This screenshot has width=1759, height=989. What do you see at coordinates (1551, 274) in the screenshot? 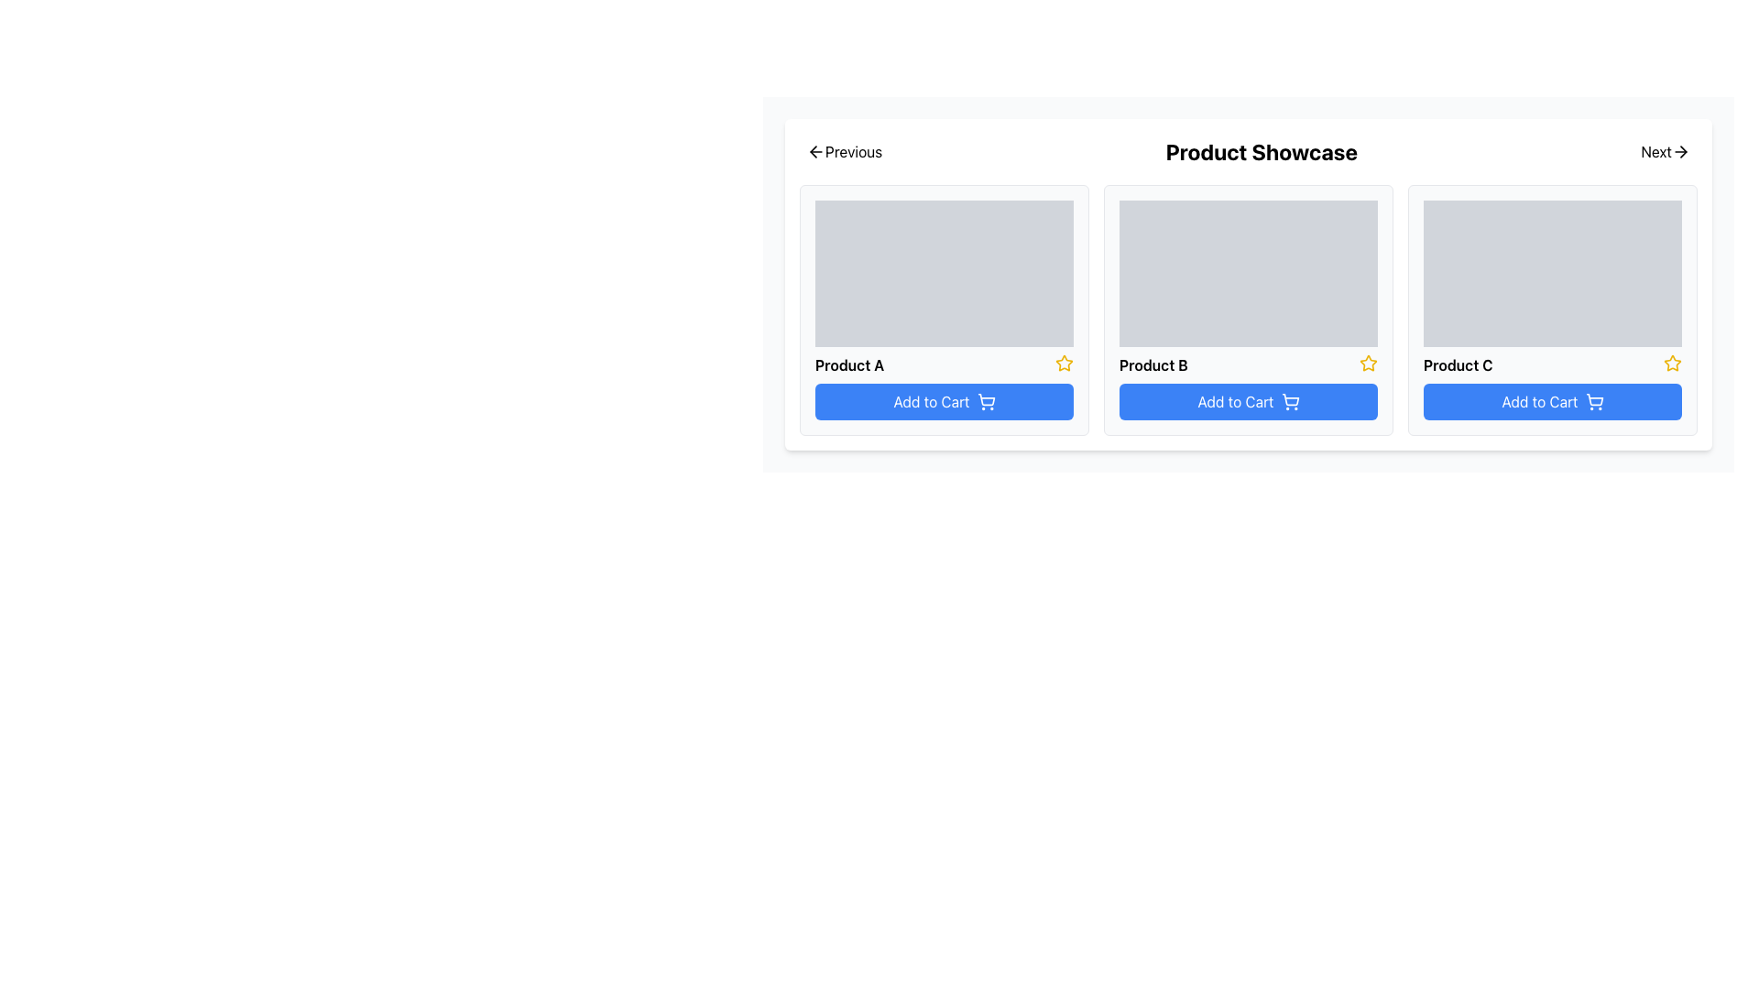
I see `the image placeholder for 'Product C' located at the top-center of the product card` at bounding box center [1551, 274].